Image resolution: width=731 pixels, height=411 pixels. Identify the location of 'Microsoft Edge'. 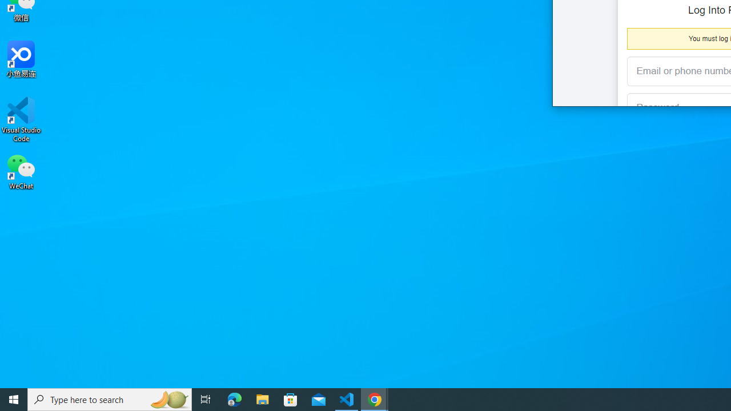
(234, 398).